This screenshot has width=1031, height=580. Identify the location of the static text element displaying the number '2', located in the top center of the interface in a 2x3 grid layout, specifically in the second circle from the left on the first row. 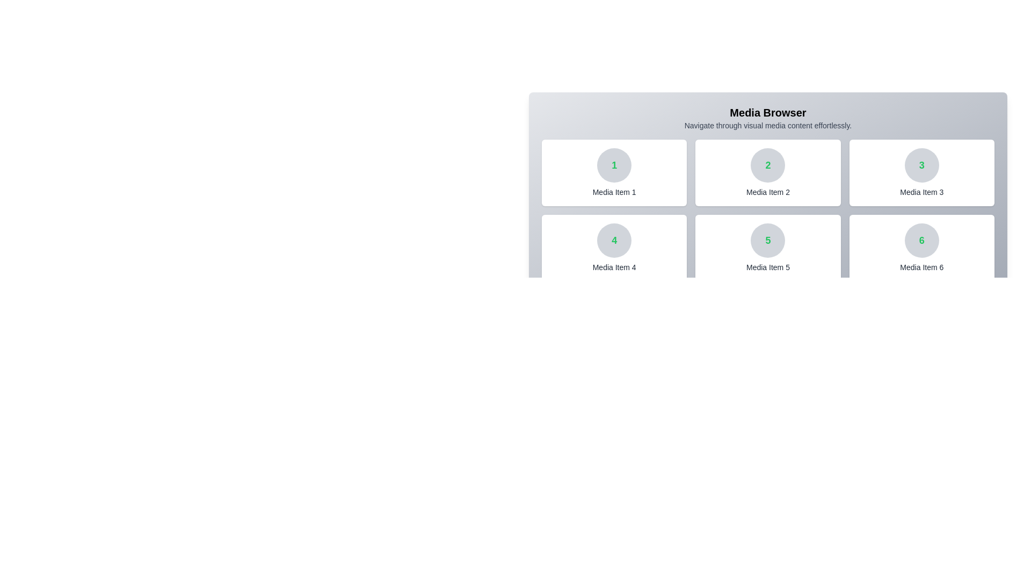
(767, 165).